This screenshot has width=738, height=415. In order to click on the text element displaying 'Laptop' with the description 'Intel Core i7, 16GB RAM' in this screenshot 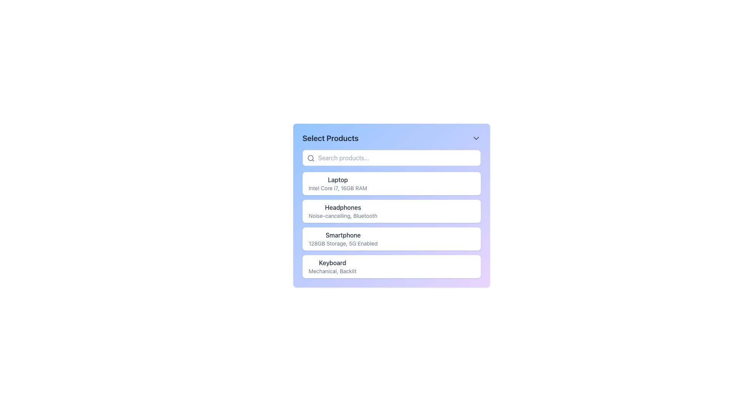, I will do `click(337, 184)`.